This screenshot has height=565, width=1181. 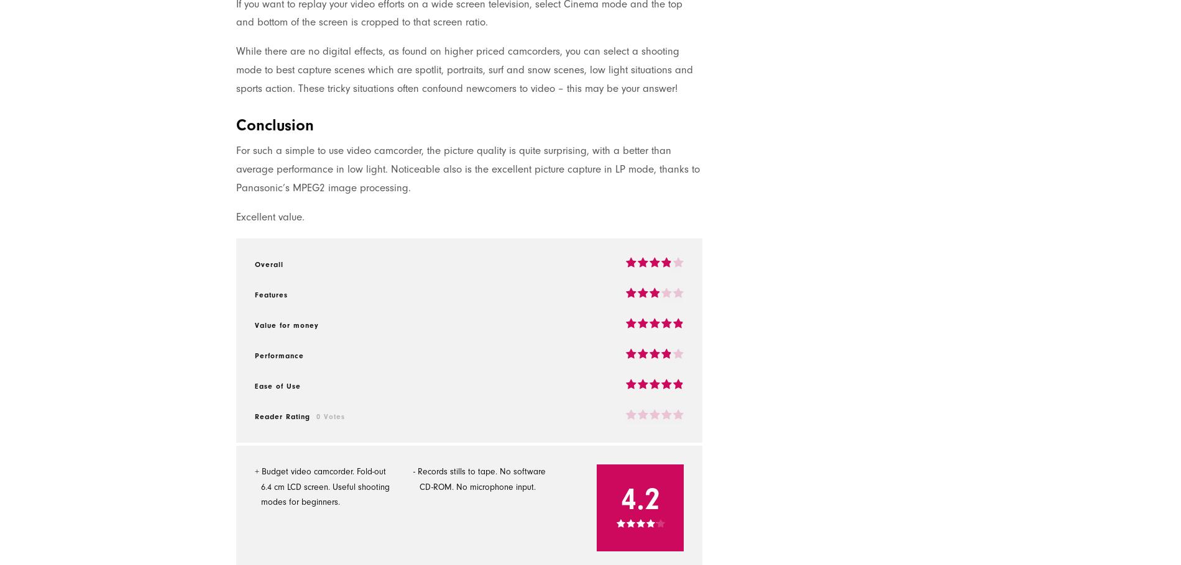 What do you see at coordinates (331, 415) in the screenshot?
I see `'0 Votes'` at bounding box center [331, 415].